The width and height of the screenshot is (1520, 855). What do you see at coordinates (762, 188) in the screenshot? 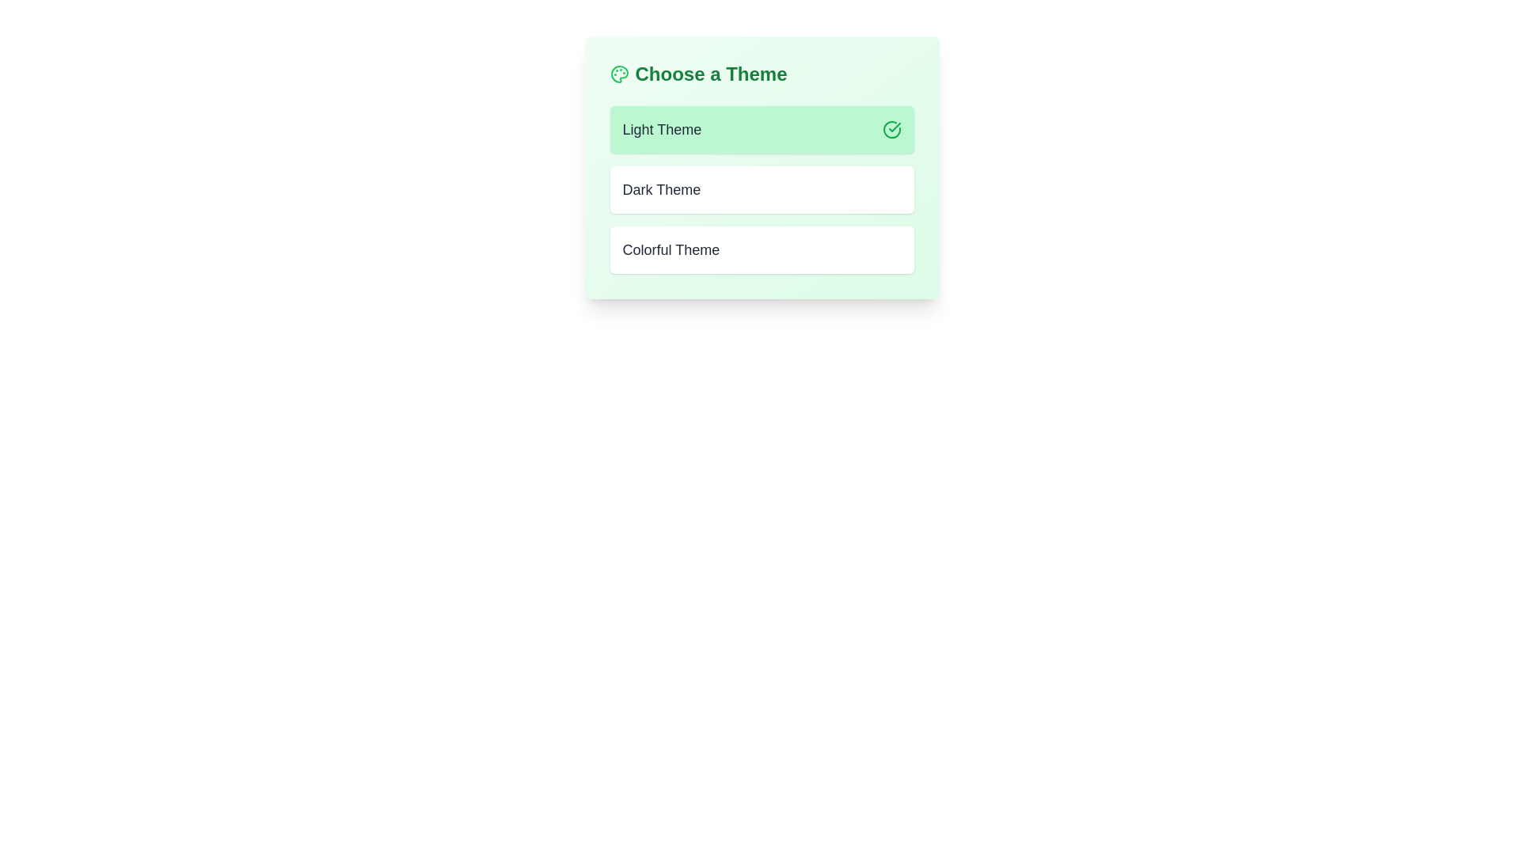
I see `the 'Dark Theme' List Item Button, which is located in the 'Choose a Theme' section between the 'Light Theme' and 'Colorful Theme' options` at bounding box center [762, 188].